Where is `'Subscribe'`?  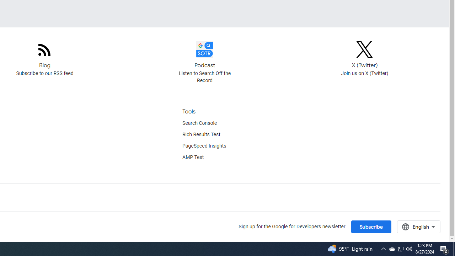
'Subscribe' is located at coordinates (370, 226).